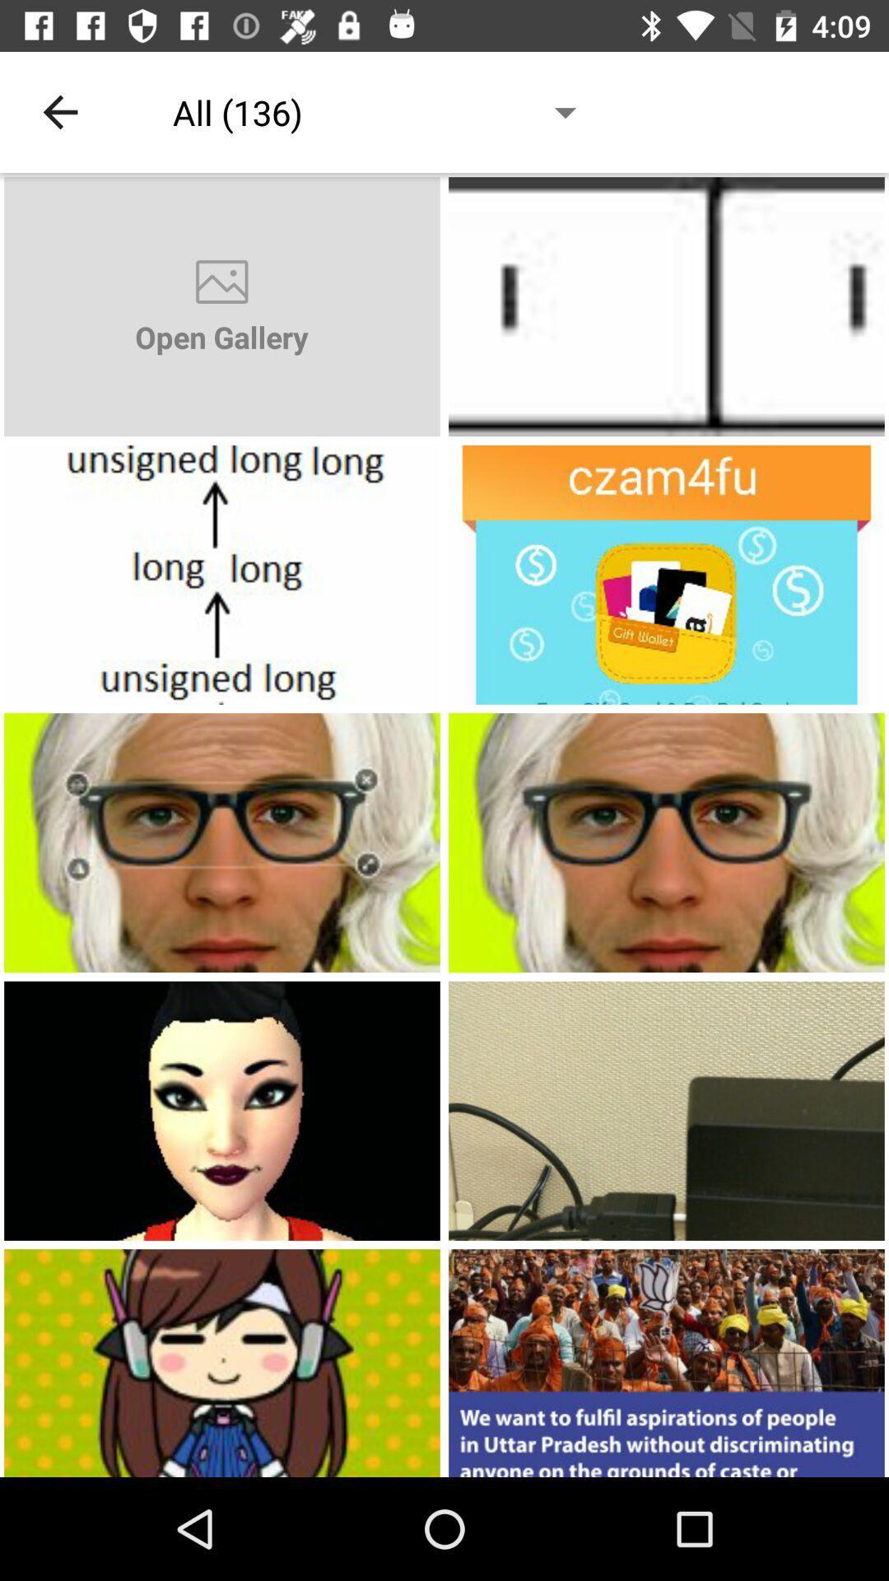 The image size is (889, 1581). I want to click on google page, so click(222, 842).